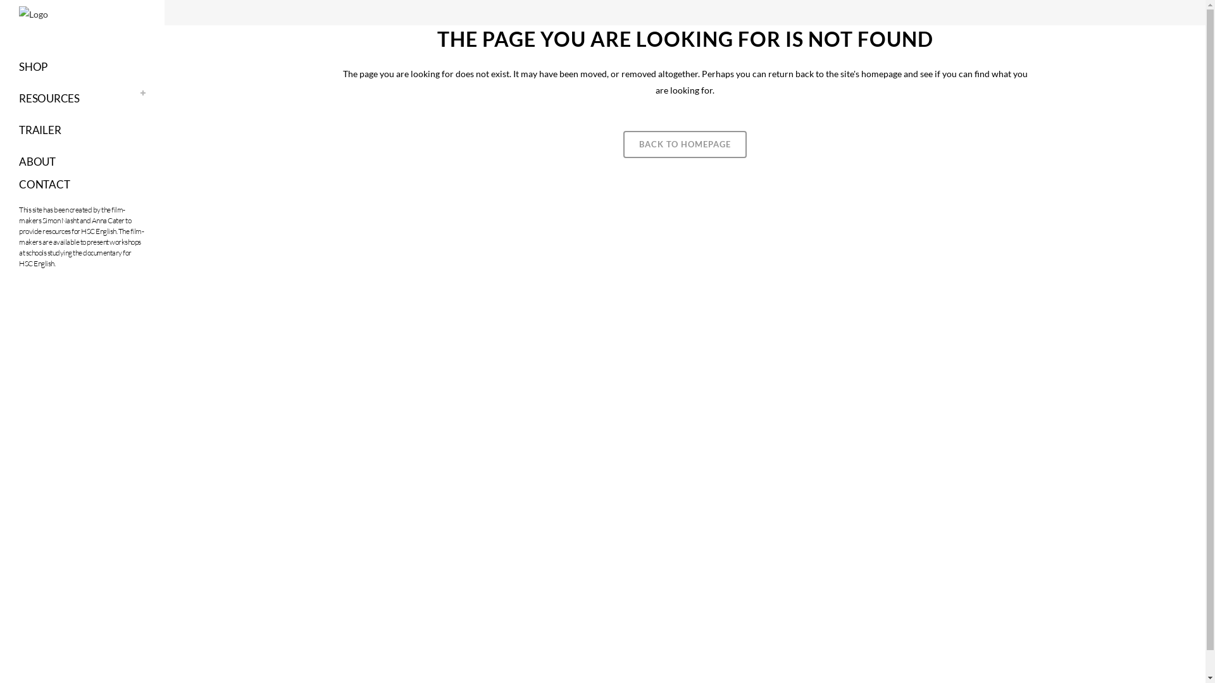 The width and height of the screenshot is (1215, 683). I want to click on 'ABOUT', so click(81, 161).